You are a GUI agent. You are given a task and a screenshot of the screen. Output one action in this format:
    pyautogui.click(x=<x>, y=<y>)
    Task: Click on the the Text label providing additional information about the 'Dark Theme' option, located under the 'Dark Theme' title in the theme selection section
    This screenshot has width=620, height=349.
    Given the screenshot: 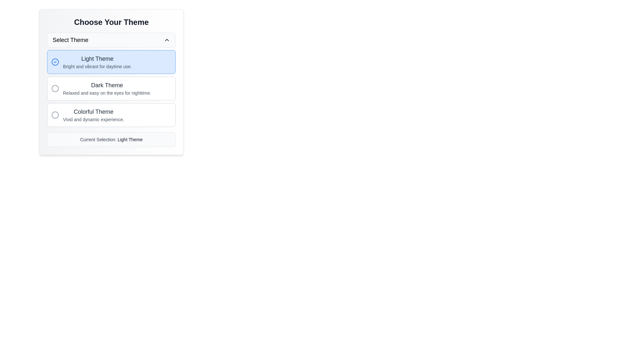 What is the action you would take?
    pyautogui.click(x=107, y=93)
    